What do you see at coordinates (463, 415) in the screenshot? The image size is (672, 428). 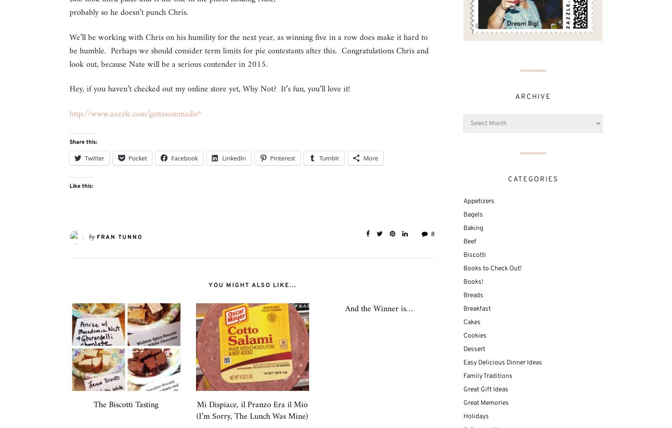 I see `'Holidays'` at bounding box center [463, 415].